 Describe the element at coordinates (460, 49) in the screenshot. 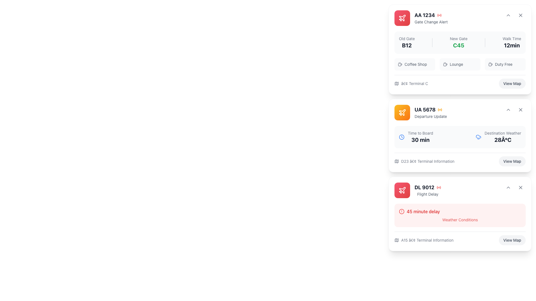

I see `the text of the label indicating the new boarding gate for a flight, located between 'Old Gate' and 'Walk Time'` at that location.